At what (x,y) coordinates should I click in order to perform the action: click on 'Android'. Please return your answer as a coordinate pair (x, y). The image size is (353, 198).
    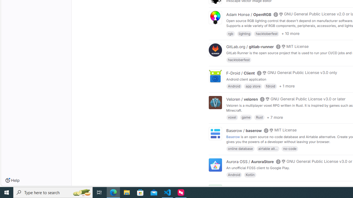
    Looking at the image, I should click on (234, 175).